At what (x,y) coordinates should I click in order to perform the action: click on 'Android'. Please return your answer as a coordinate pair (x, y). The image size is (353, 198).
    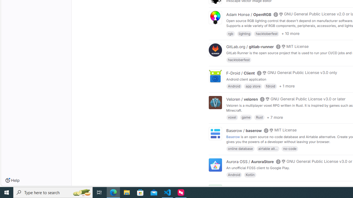
    Looking at the image, I should click on (234, 175).